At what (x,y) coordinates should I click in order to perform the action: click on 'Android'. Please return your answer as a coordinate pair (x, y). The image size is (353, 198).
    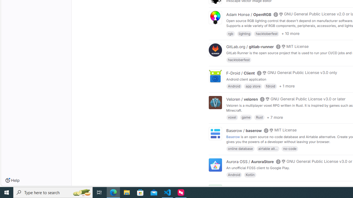
    Looking at the image, I should click on (234, 175).